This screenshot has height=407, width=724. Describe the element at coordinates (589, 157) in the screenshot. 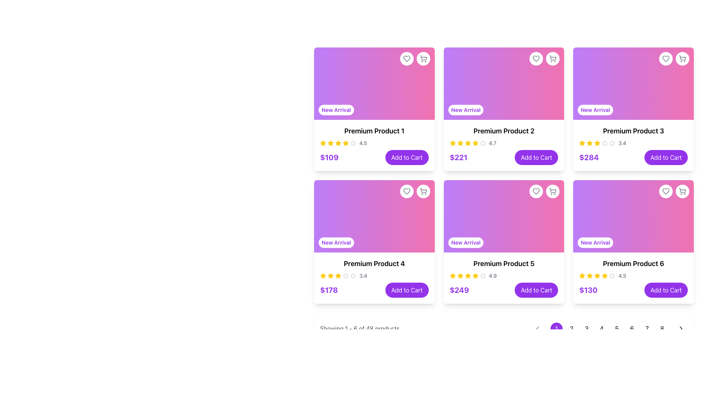

I see `the text label displaying '$284' in bold purple font, located in the bottom-left corner of the 'Premium Product 3' card, directly left of the 'Add to Cart' button` at that location.